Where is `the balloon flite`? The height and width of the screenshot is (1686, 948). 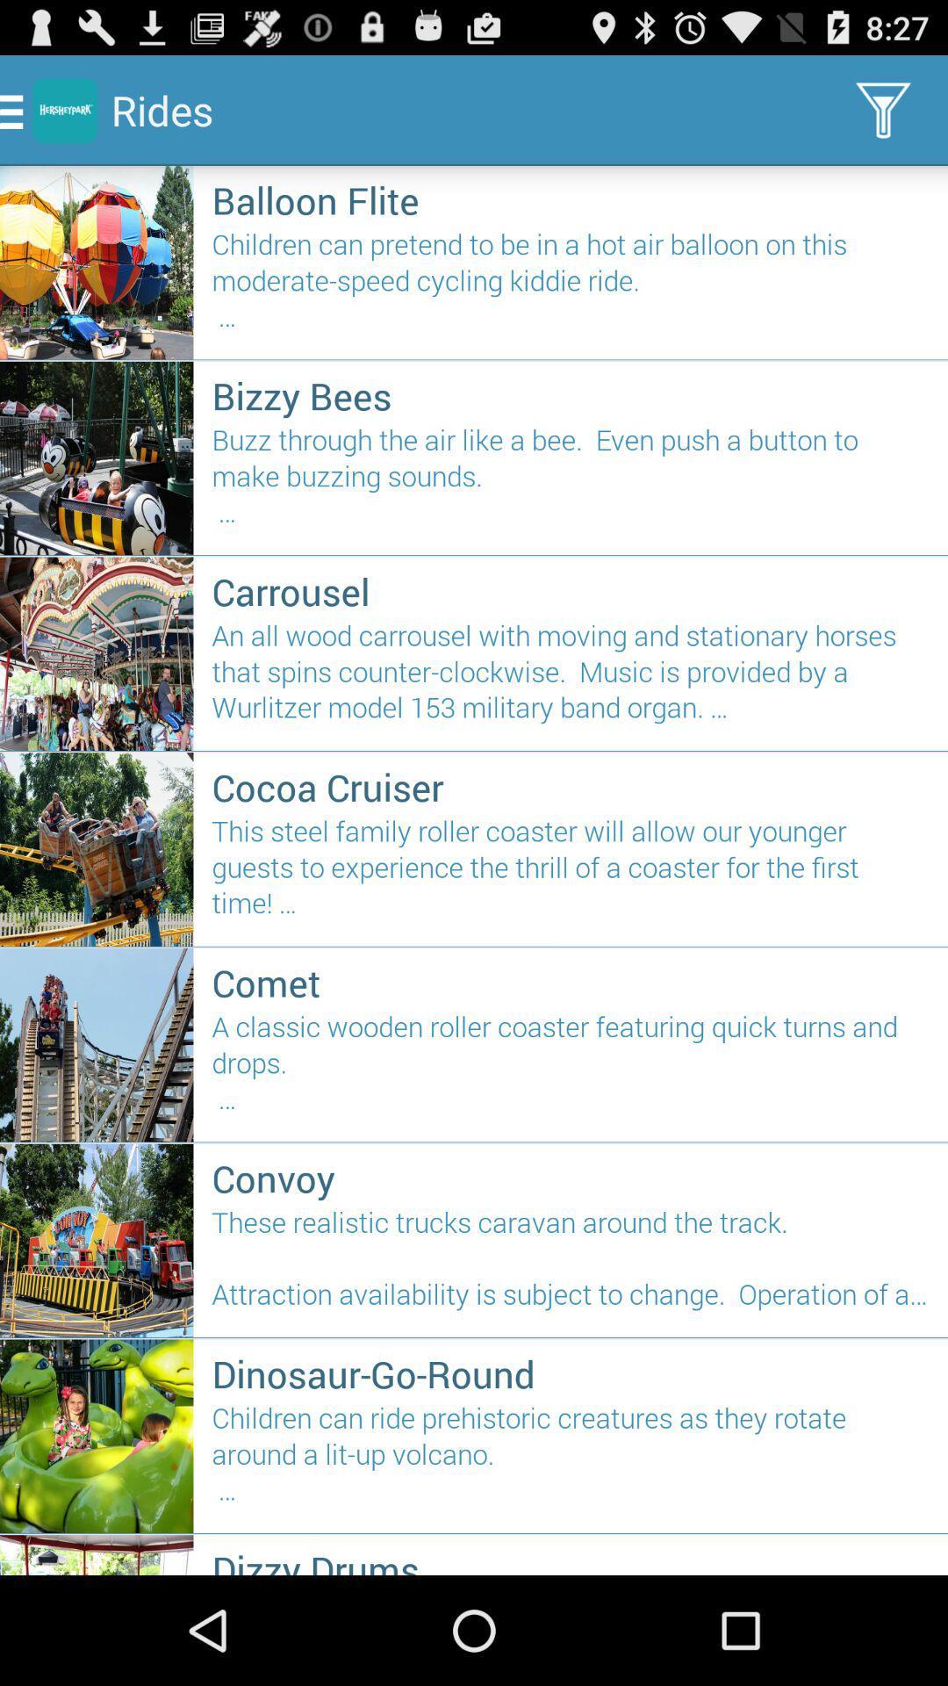
the balloon flite is located at coordinates (571, 200).